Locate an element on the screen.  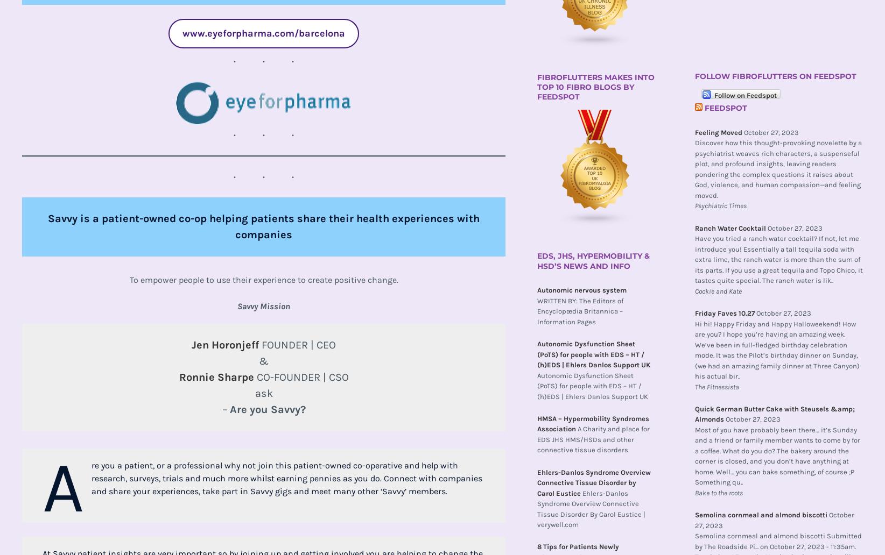
'Feeling Moved' is located at coordinates (718, 131).